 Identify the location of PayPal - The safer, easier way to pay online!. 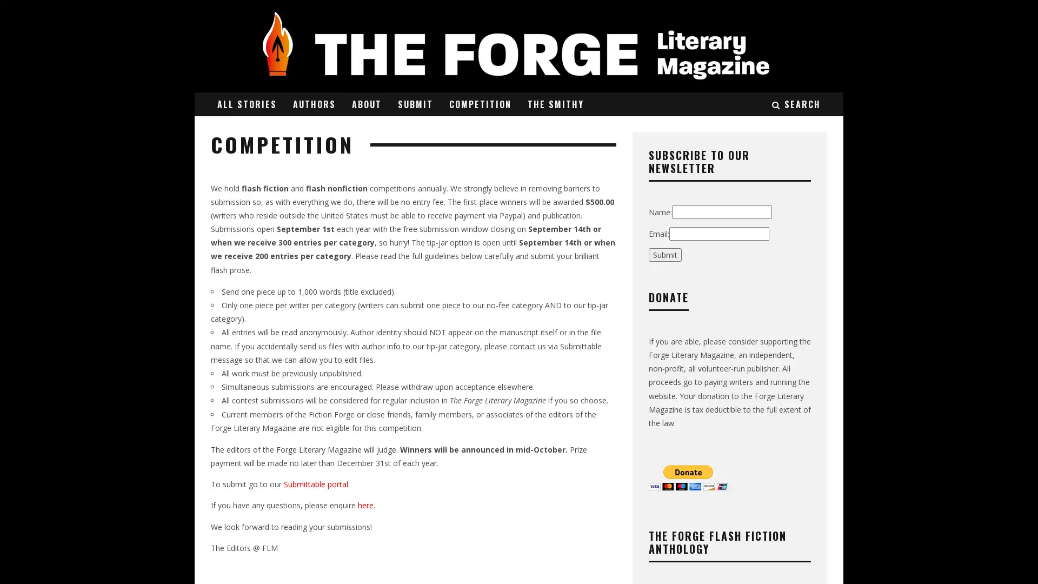
(688, 476).